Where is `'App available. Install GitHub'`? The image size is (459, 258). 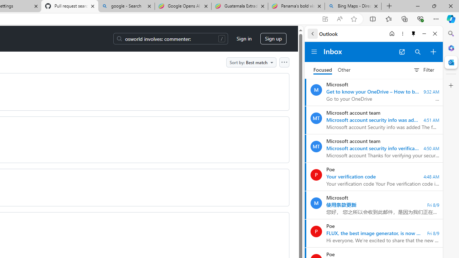 'App available. Install GitHub' is located at coordinates (325, 19).